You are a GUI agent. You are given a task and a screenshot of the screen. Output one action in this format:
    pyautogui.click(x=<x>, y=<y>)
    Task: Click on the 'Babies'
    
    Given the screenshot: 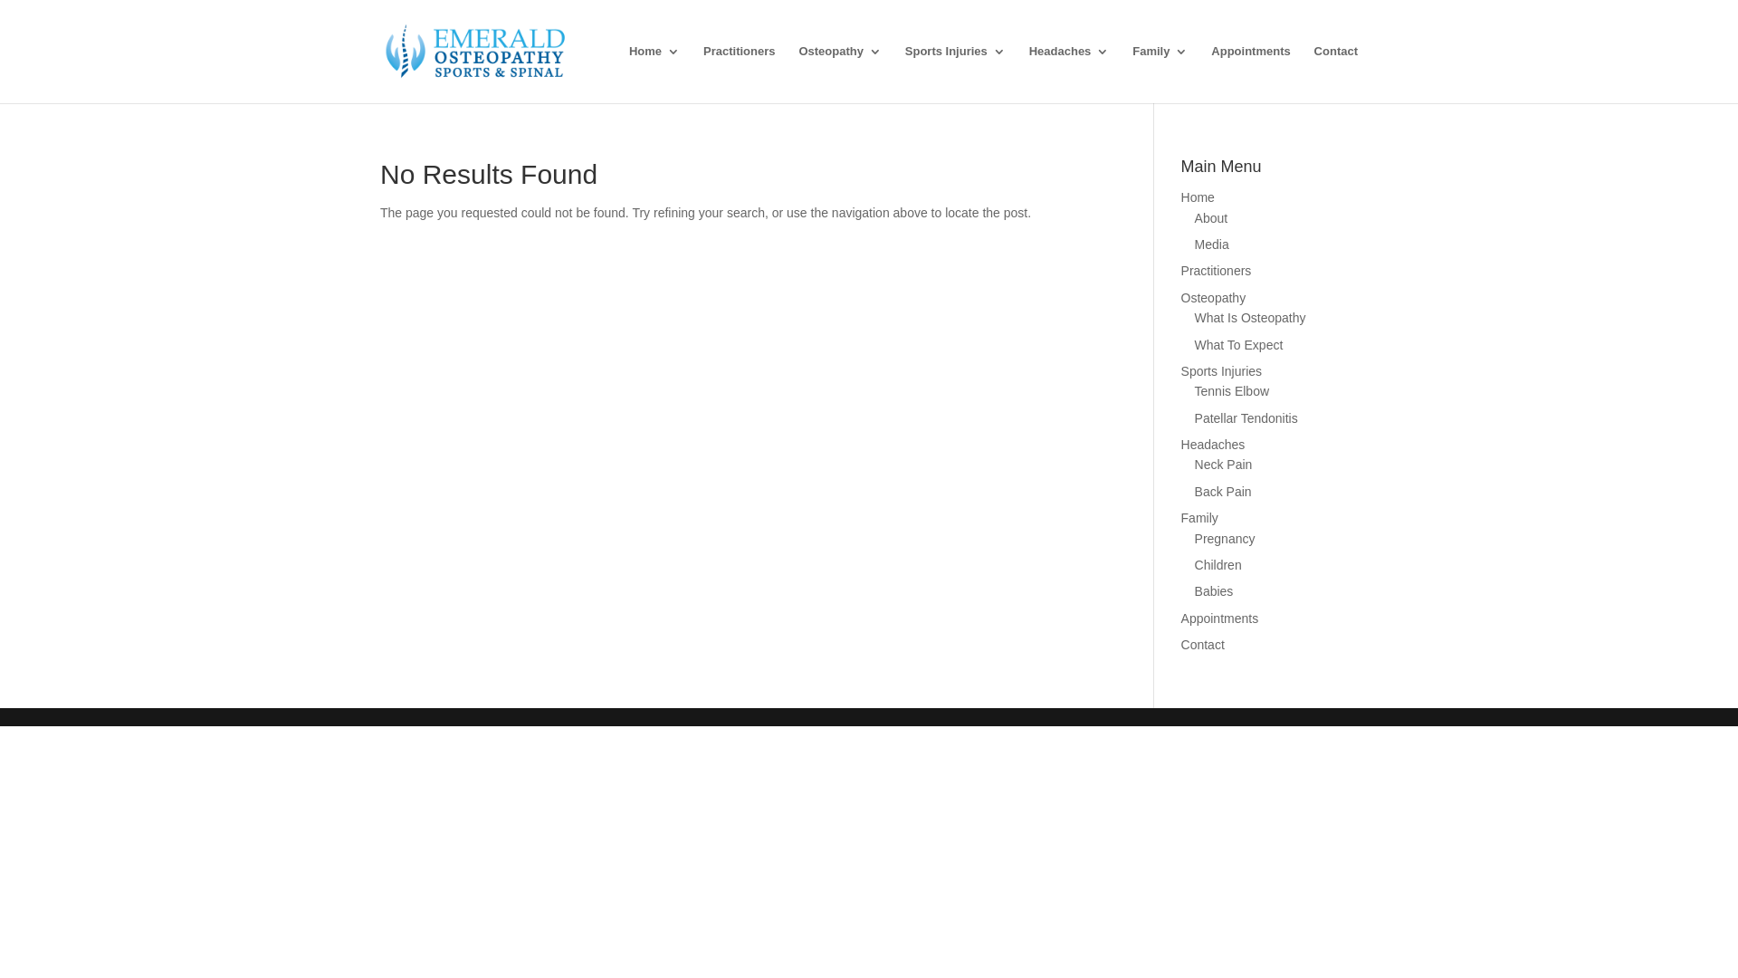 What is the action you would take?
    pyautogui.click(x=1214, y=590)
    